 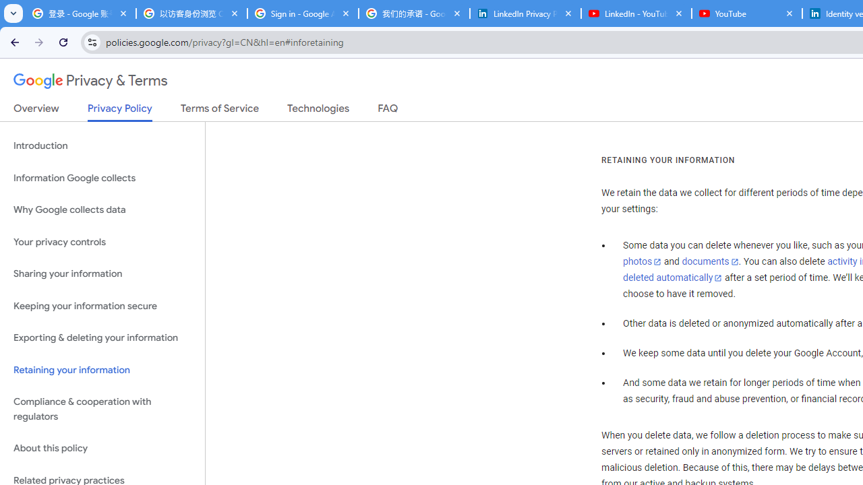 I want to click on 'Sign in - Google Accounts', so click(x=302, y=13).